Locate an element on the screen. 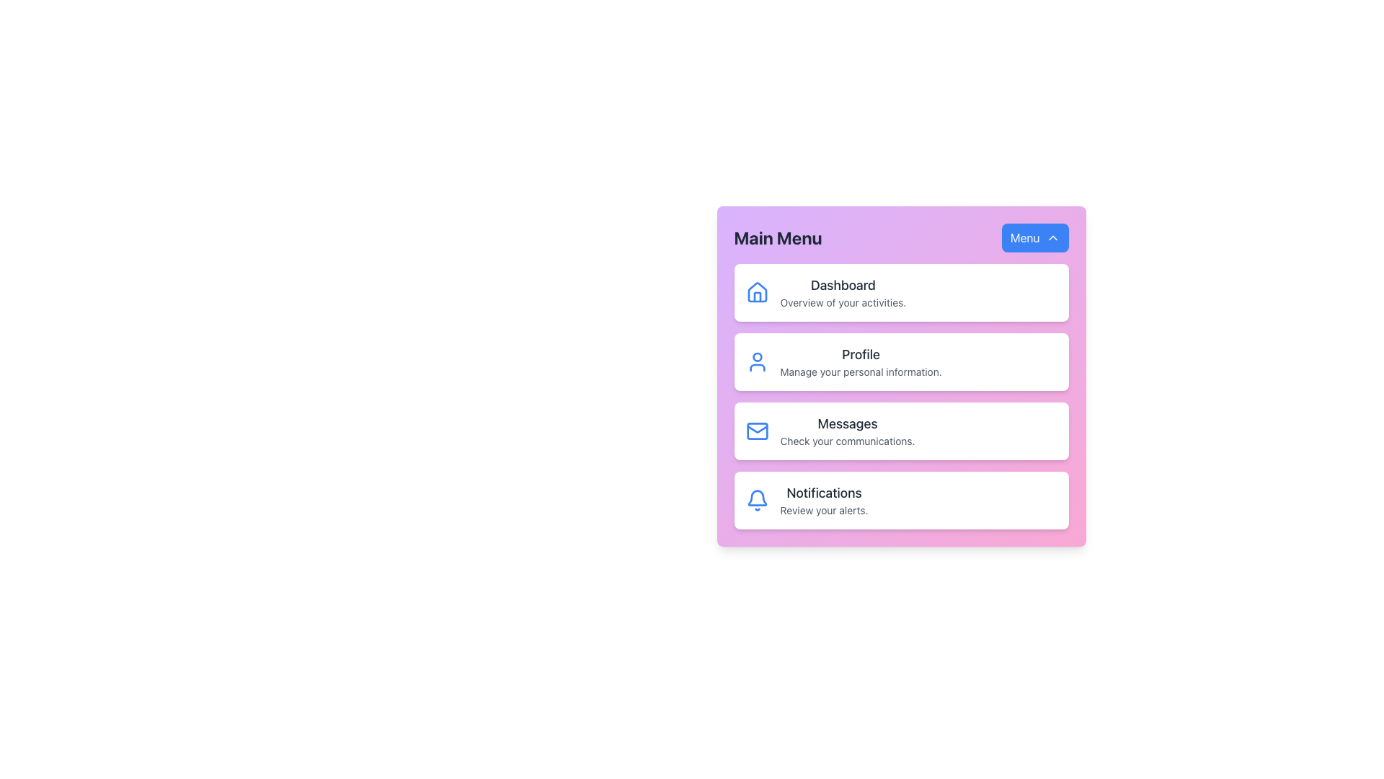 The image size is (1384, 779). the bell icon representing notifications, located to the left of the 'Notifications' option card, positioned at the bottom of the vertical stack of options is located at coordinates (756, 497).